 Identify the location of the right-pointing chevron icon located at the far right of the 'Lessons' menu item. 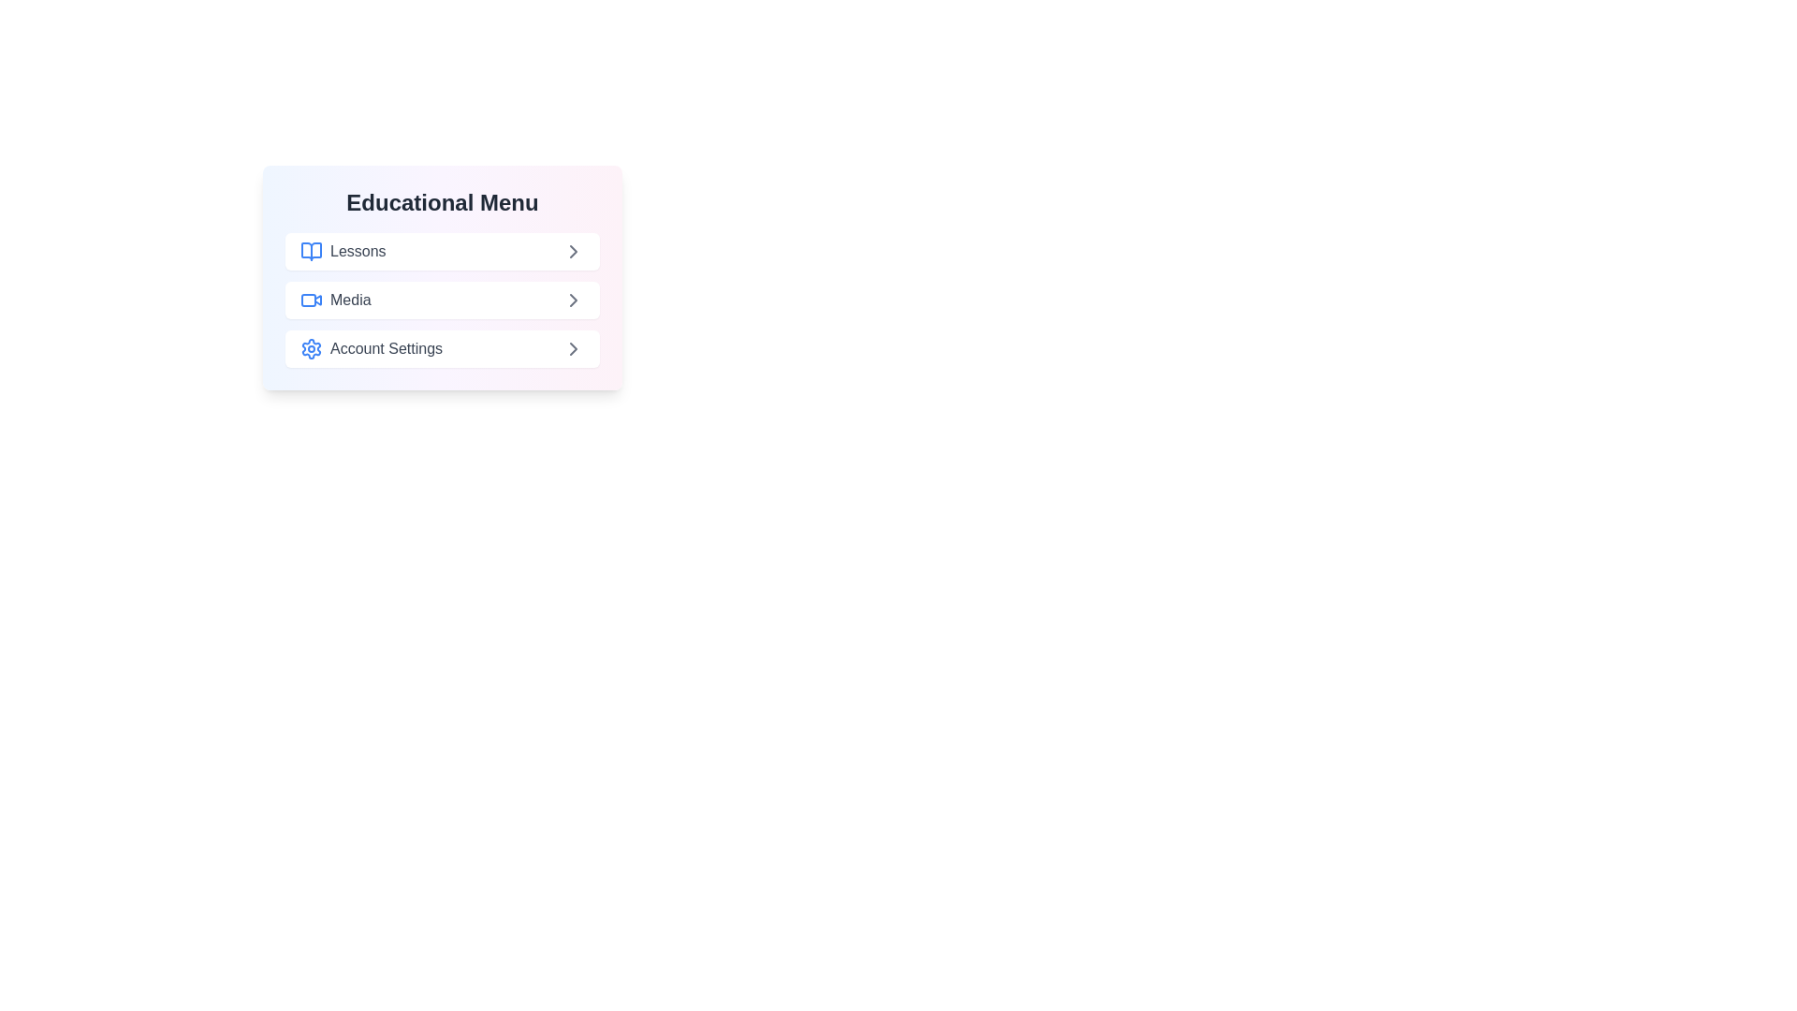
(573, 251).